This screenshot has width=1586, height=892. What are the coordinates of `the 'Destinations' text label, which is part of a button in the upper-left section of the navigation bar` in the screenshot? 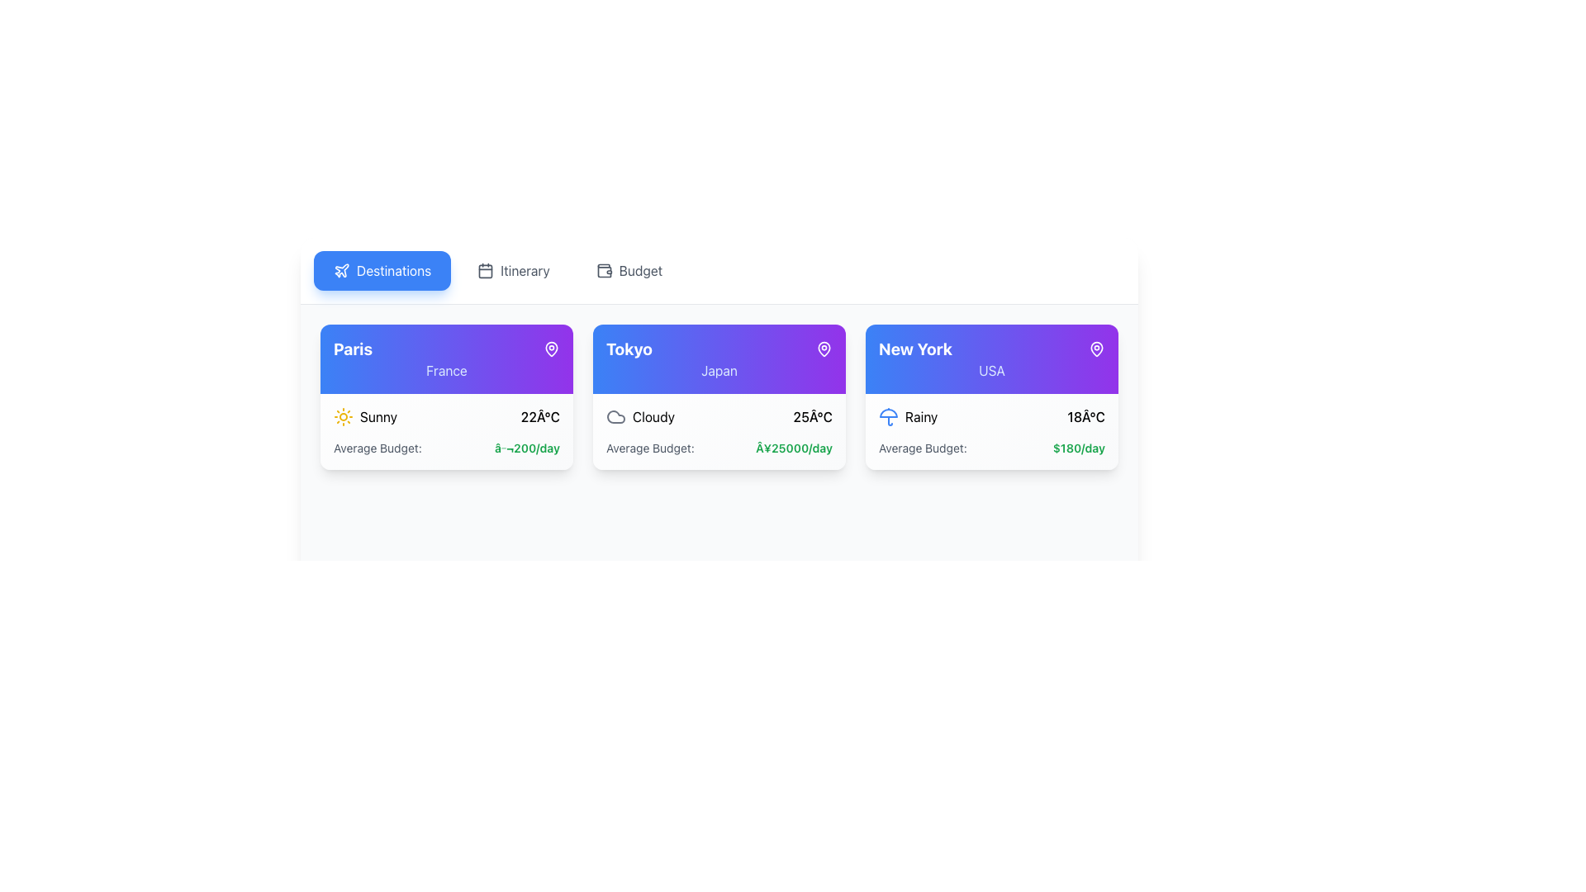 It's located at (393, 269).